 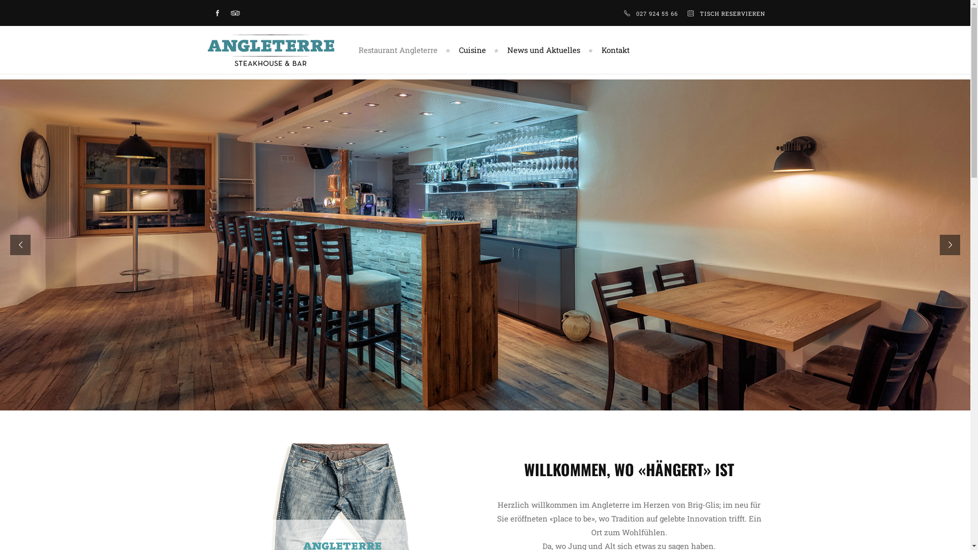 What do you see at coordinates (474, 49) in the screenshot?
I see `'Cuisine'` at bounding box center [474, 49].